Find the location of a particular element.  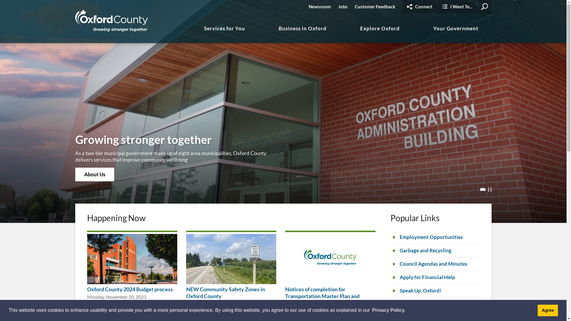

'Connect' is located at coordinates (419, 7).